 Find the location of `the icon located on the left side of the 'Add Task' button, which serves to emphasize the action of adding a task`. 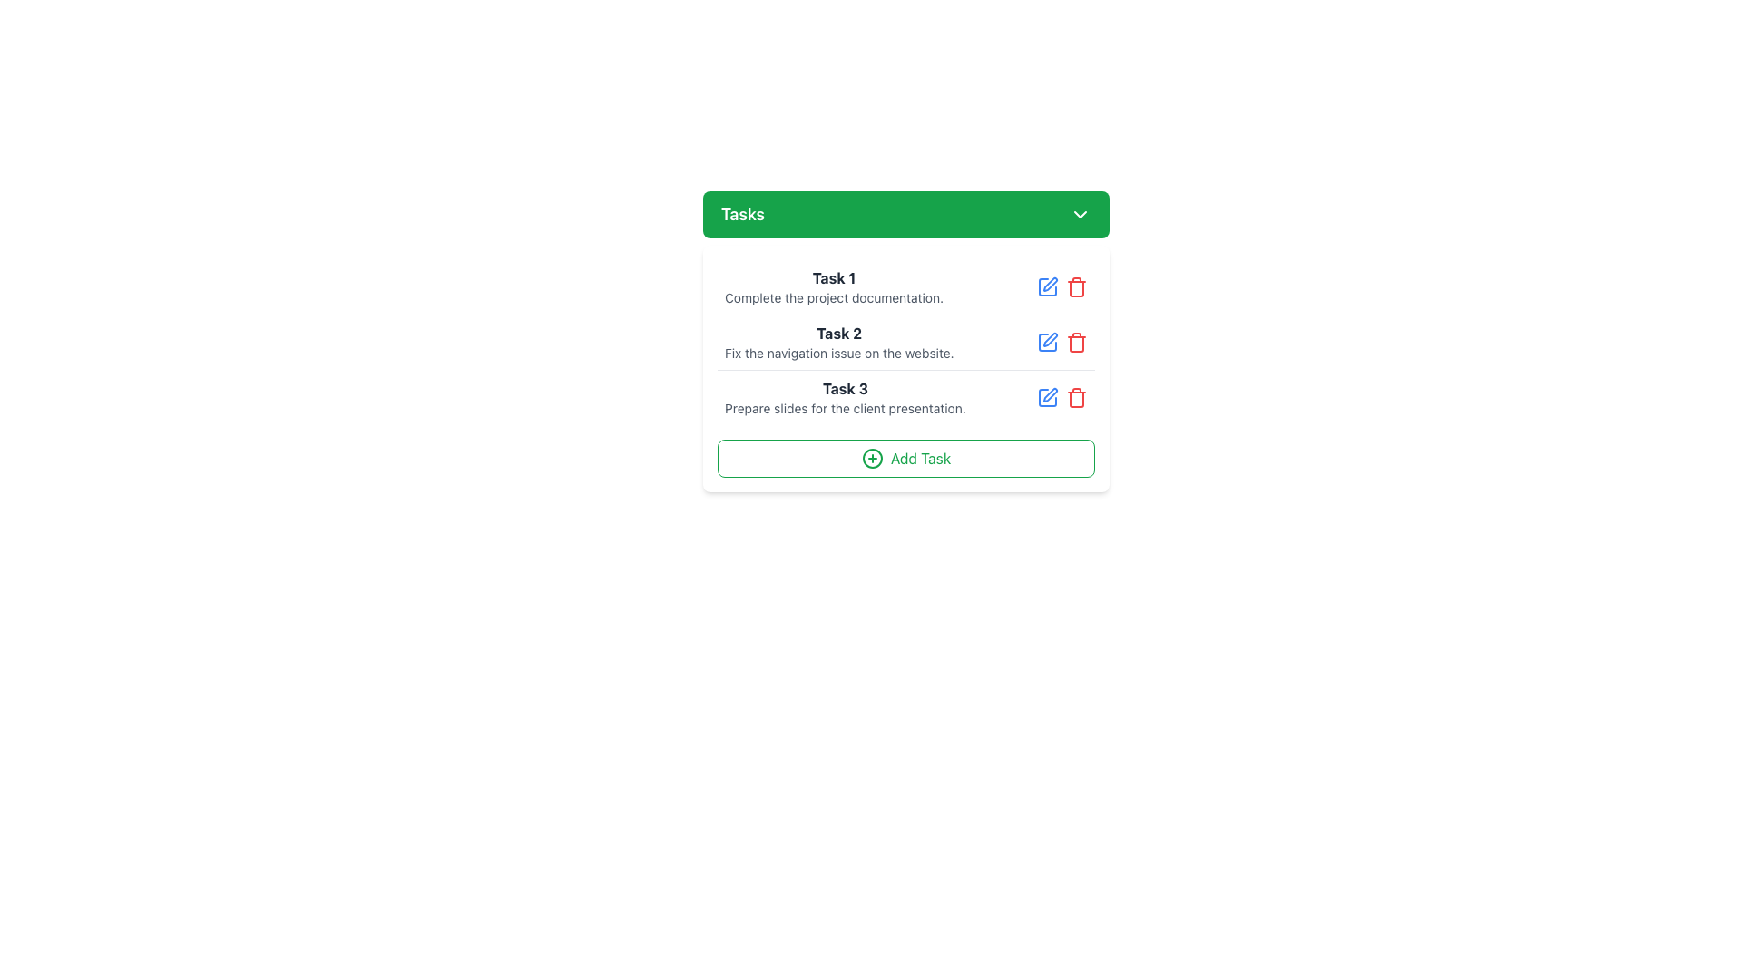

the icon located on the left side of the 'Add Task' button, which serves to emphasize the action of adding a task is located at coordinates (872, 457).